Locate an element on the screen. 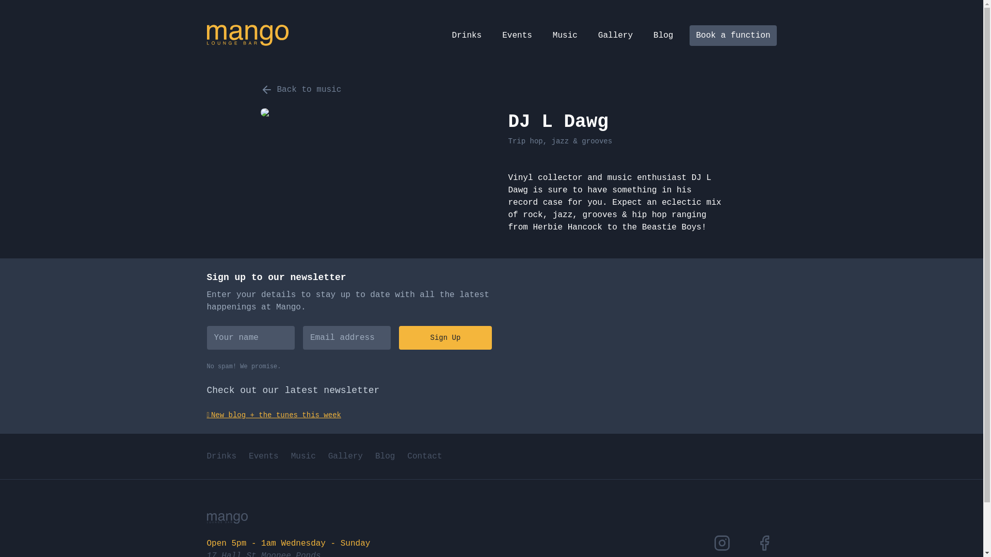 This screenshot has height=557, width=991. 'Book a function' is located at coordinates (732, 35).